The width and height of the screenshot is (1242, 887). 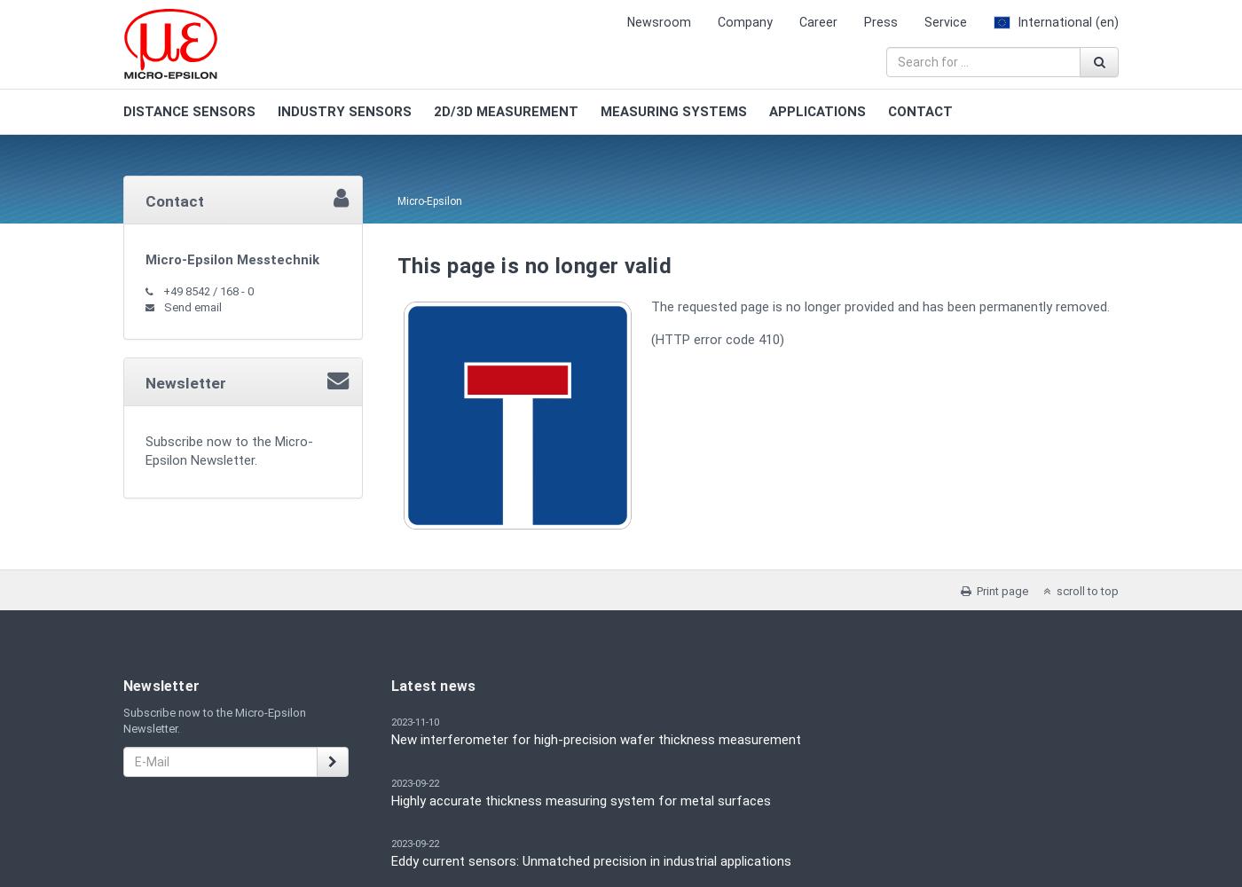 I want to click on '2023-11-10', so click(x=391, y=721).